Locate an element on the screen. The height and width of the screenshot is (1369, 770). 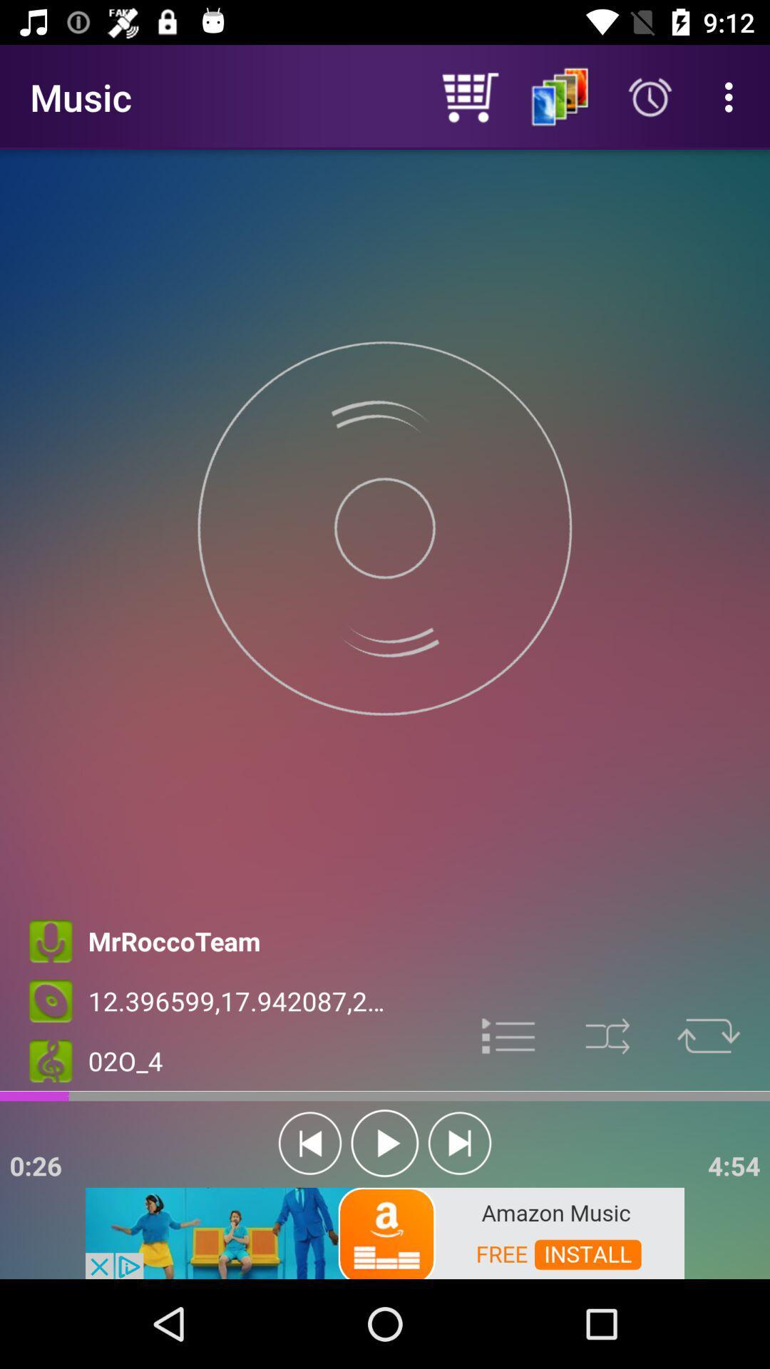
see advertisement is located at coordinates (385, 1231).